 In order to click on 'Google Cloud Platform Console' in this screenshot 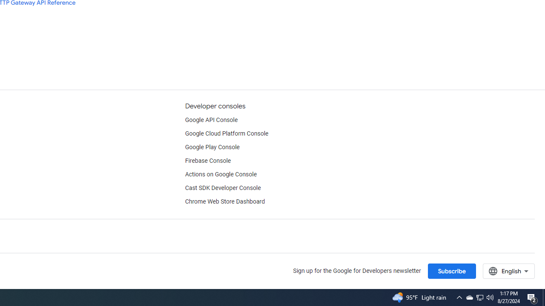, I will do `click(227, 134)`.